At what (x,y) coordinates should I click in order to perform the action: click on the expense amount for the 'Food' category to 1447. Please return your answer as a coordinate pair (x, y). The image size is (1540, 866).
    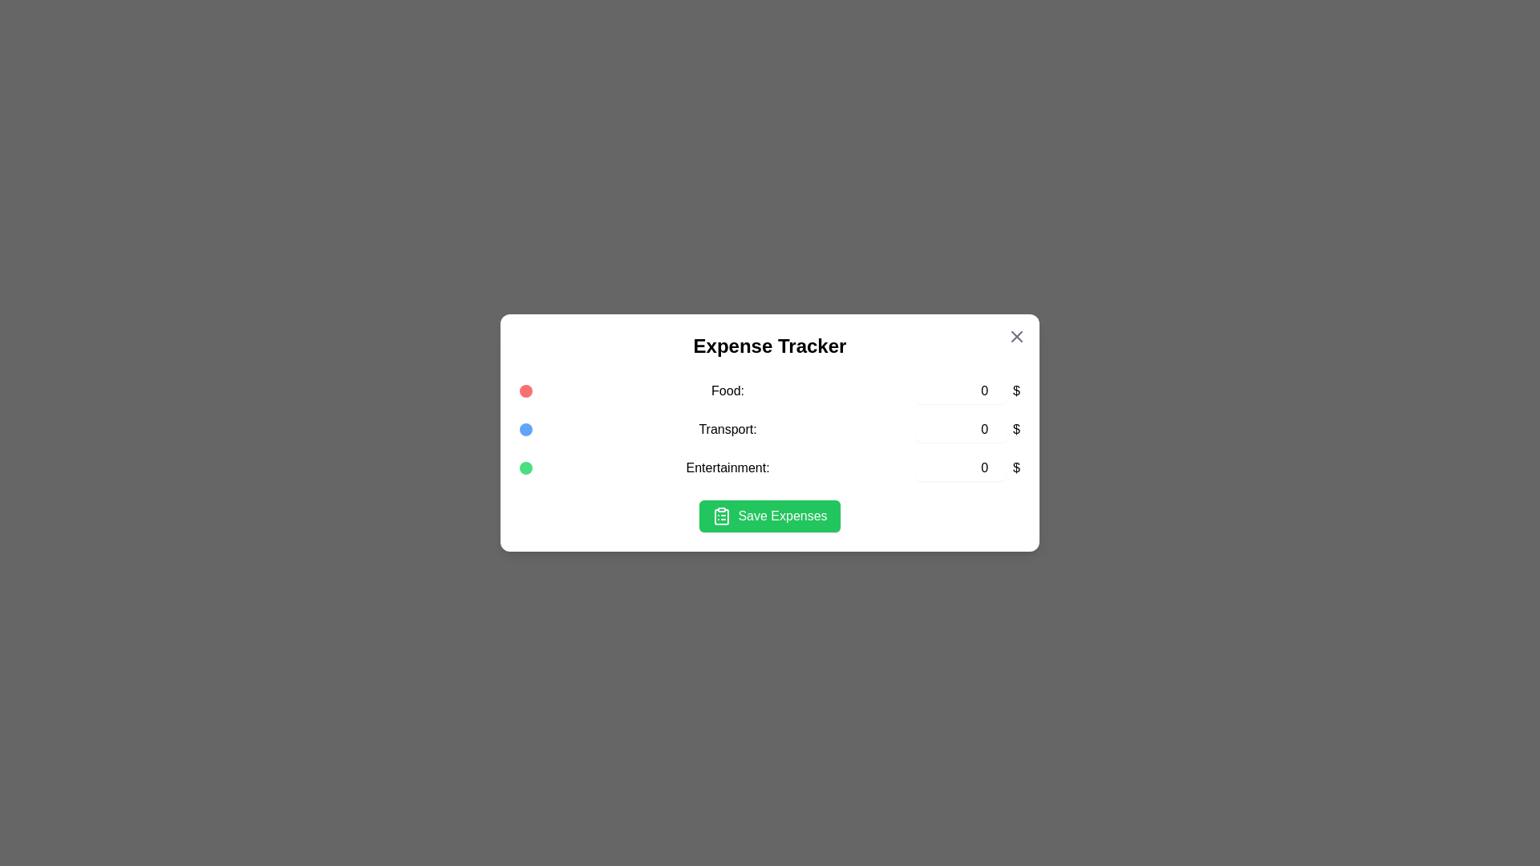
    Looking at the image, I should click on (962, 391).